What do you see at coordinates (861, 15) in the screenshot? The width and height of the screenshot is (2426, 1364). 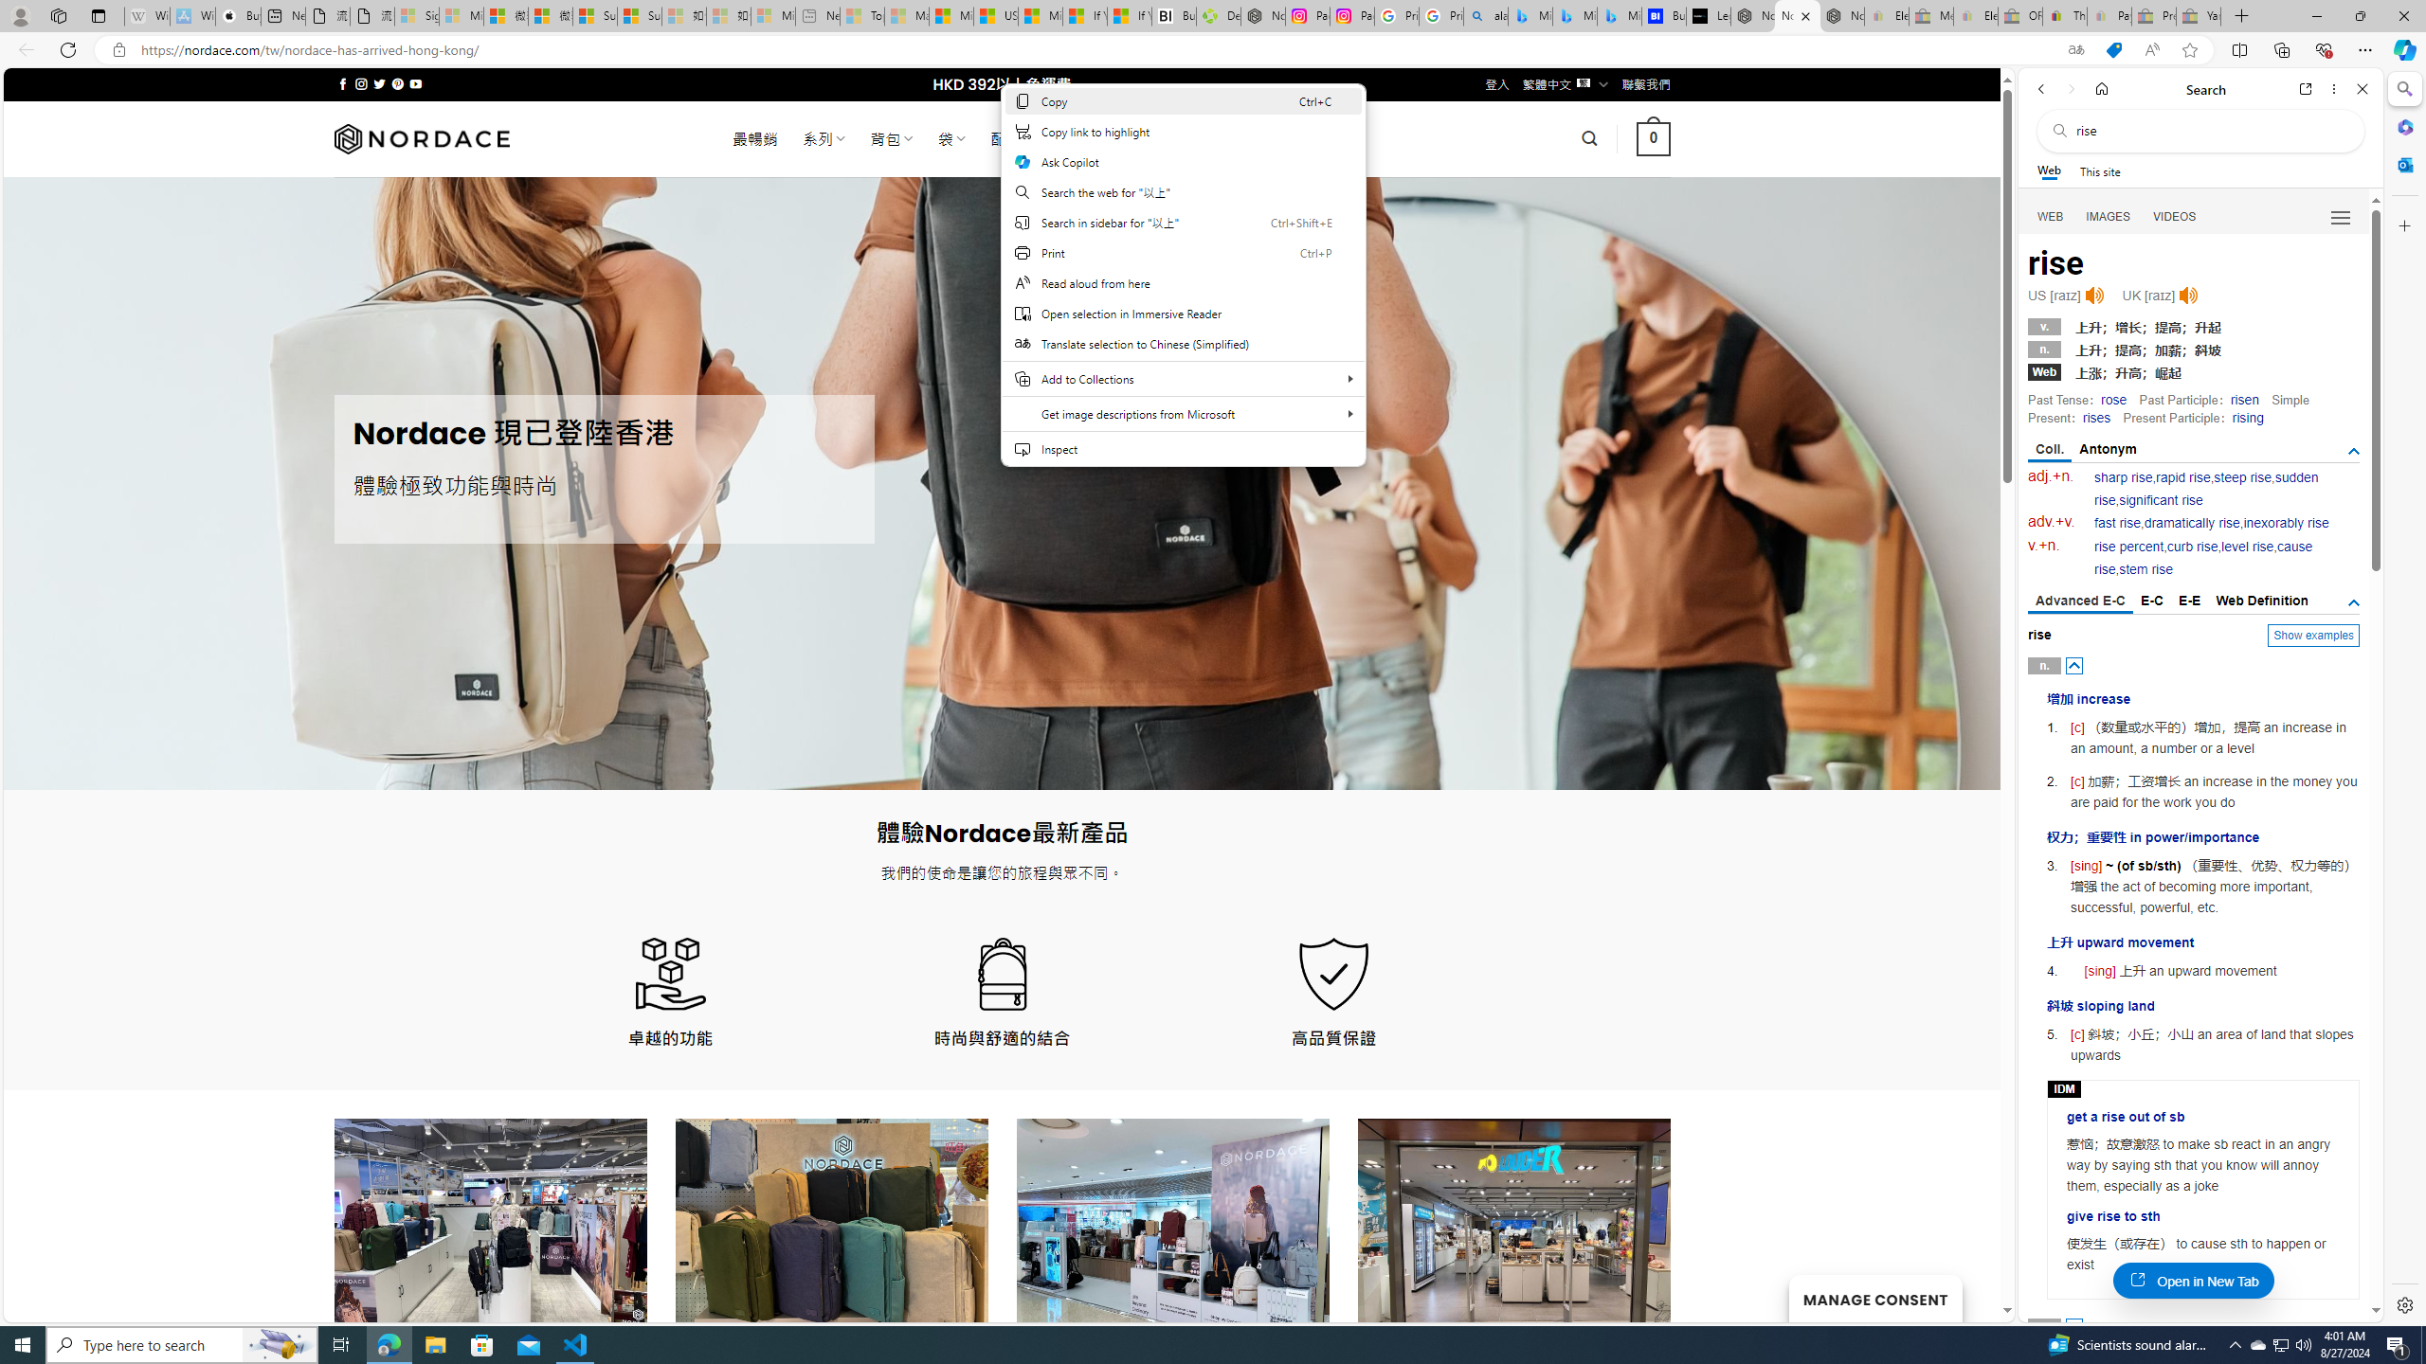 I see `'Top Stories - MSN - Sleeping'` at bounding box center [861, 15].